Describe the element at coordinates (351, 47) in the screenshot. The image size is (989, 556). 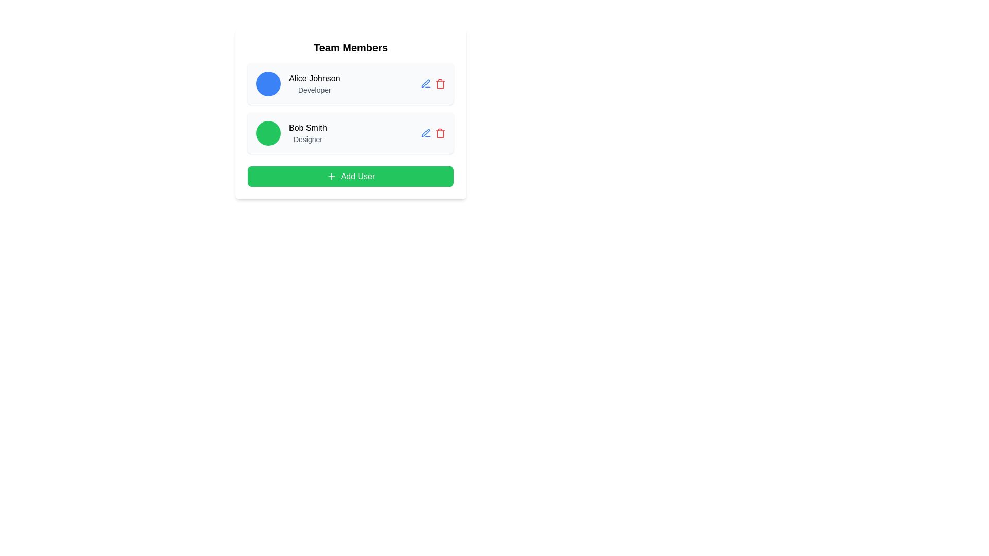
I see `the 'Team Members' label, which is a bold heading displayed at the top of the card content area and spans horizontally across the card` at that location.